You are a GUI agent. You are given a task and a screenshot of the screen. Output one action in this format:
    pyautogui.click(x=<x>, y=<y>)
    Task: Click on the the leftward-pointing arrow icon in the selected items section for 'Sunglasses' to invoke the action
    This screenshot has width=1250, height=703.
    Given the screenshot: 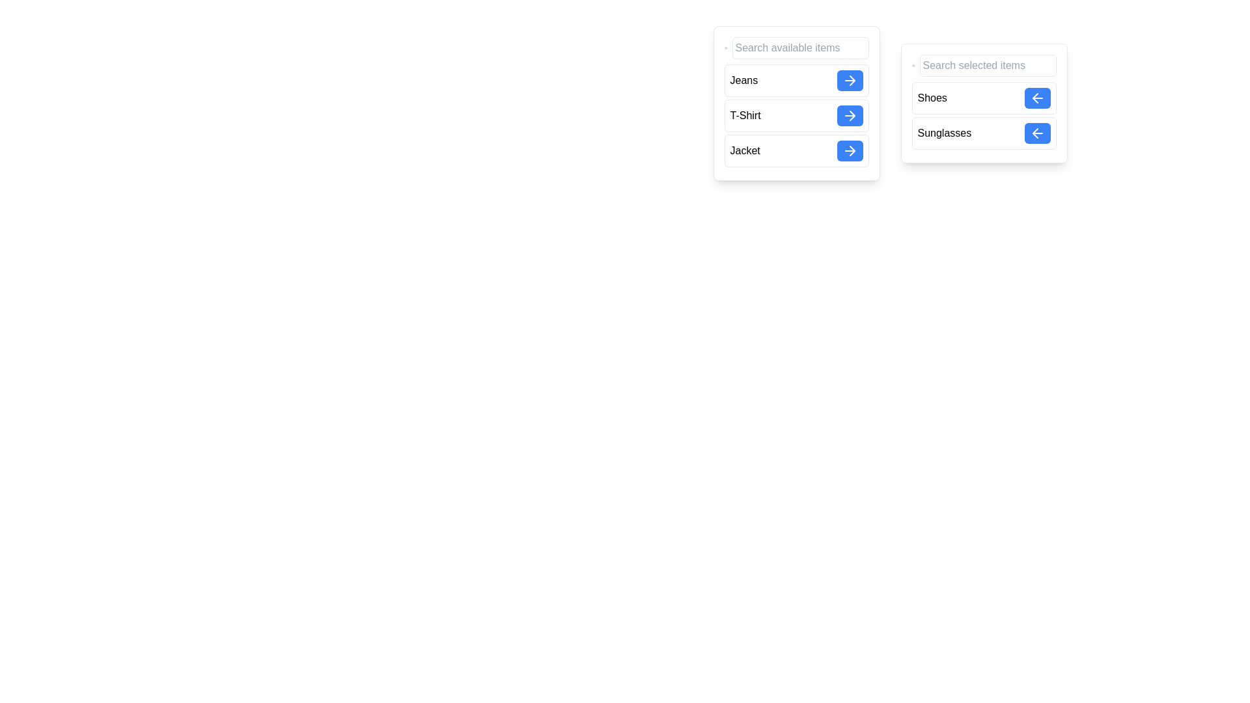 What is the action you would take?
    pyautogui.click(x=1034, y=133)
    